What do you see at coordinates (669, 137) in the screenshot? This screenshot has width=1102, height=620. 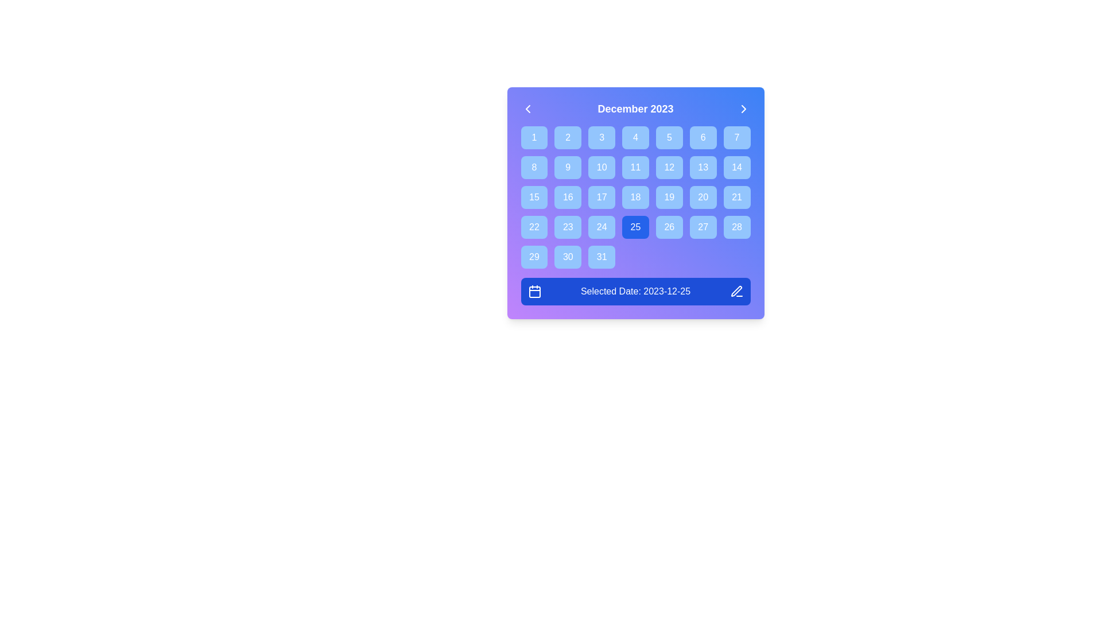 I see `the rectangular button displaying the number '5' with a light blue background` at bounding box center [669, 137].